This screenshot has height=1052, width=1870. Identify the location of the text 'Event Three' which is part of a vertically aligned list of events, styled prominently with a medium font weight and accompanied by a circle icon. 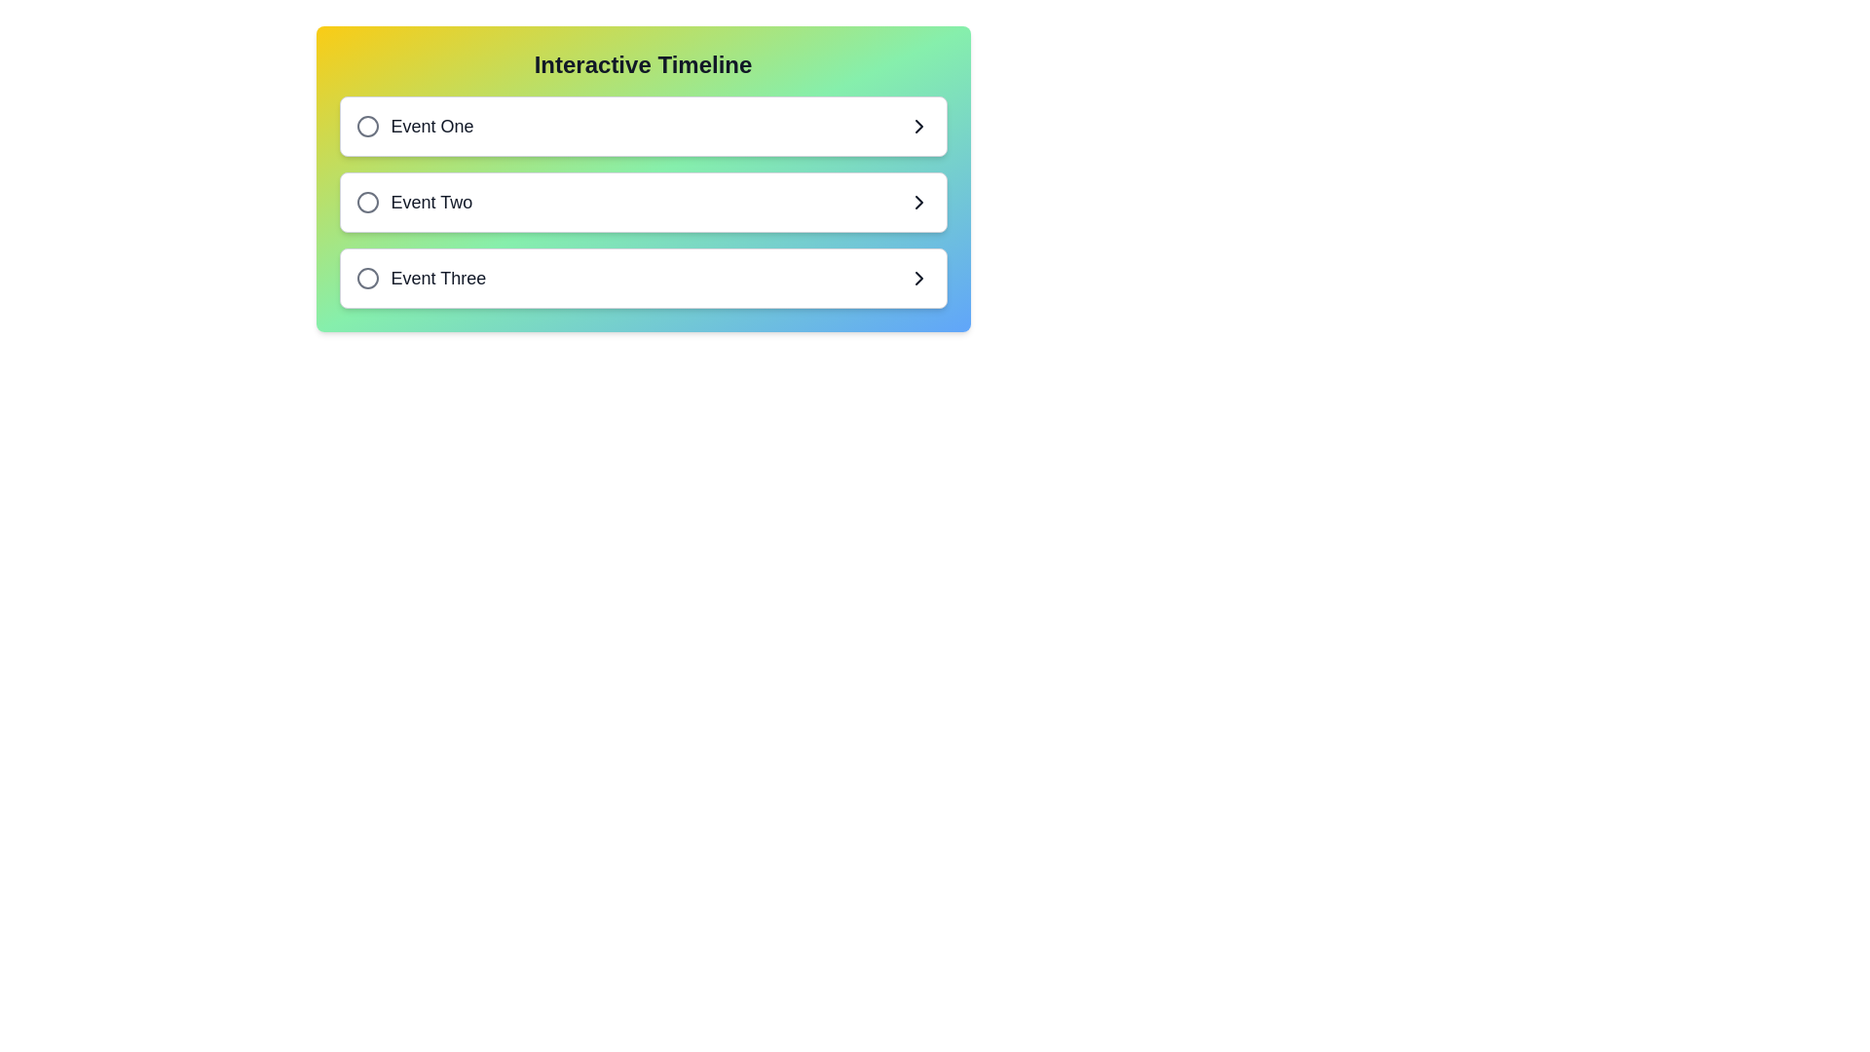
(420, 278).